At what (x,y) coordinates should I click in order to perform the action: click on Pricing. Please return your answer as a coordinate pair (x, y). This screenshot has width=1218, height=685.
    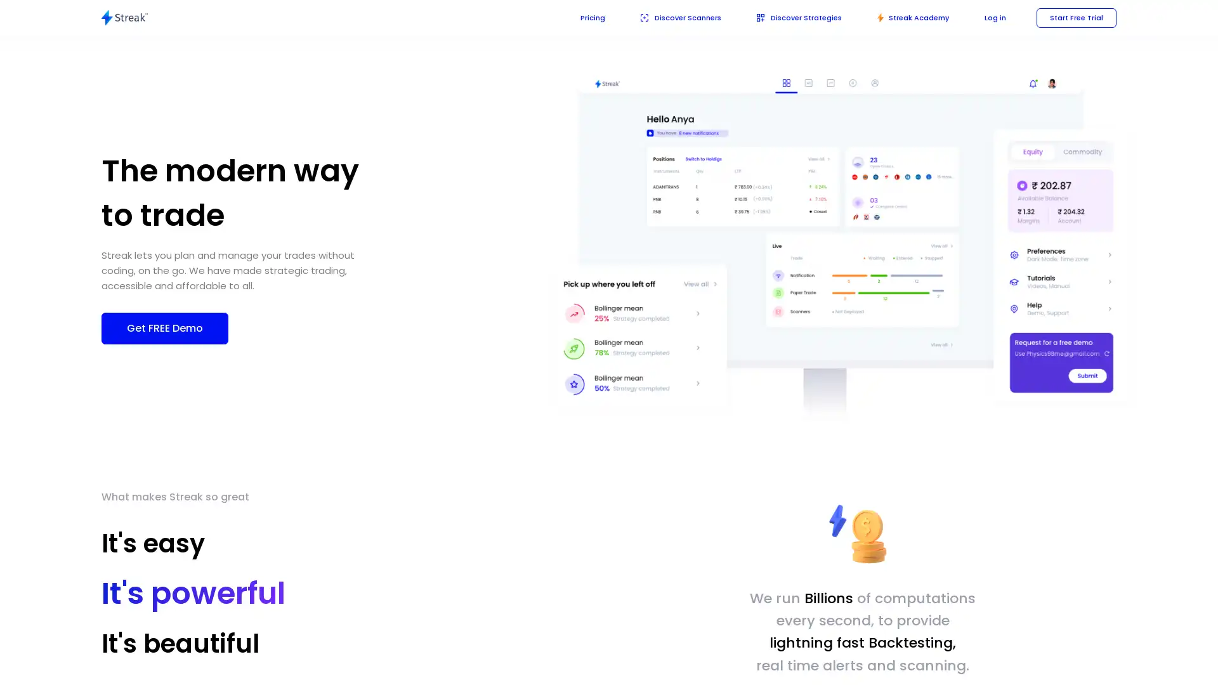
    Looking at the image, I should click on (573, 17).